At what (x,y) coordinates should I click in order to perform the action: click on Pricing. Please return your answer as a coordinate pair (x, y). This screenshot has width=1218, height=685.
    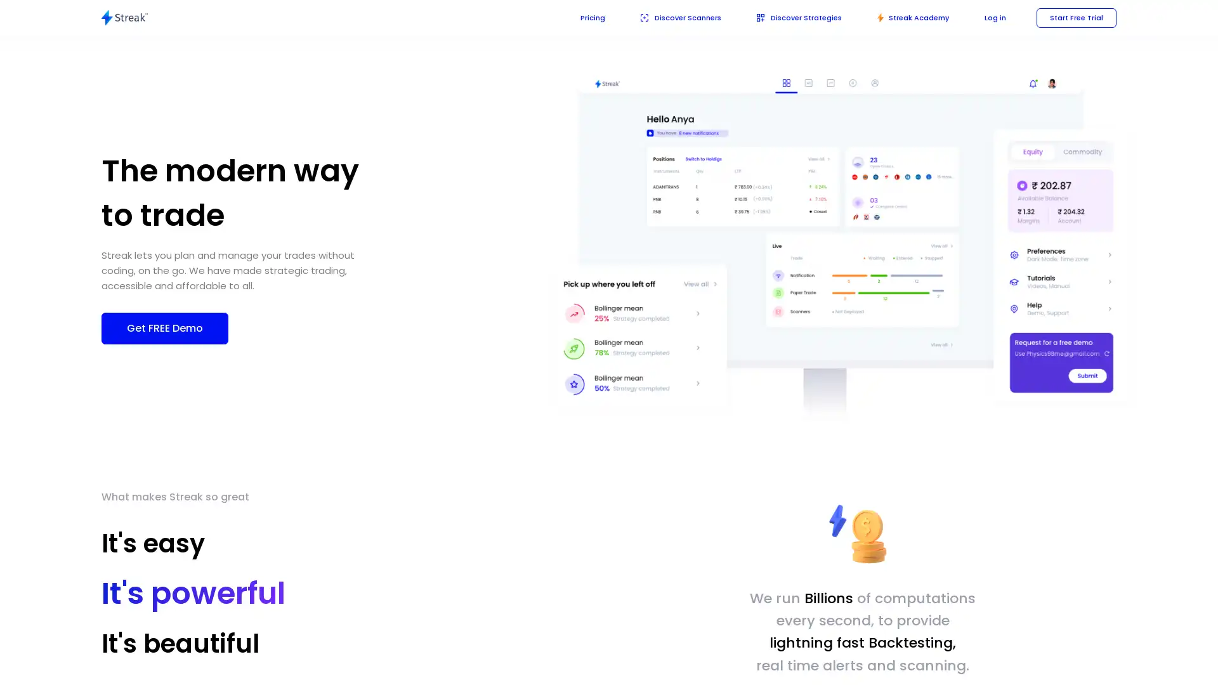
    Looking at the image, I should click on (573, 17).